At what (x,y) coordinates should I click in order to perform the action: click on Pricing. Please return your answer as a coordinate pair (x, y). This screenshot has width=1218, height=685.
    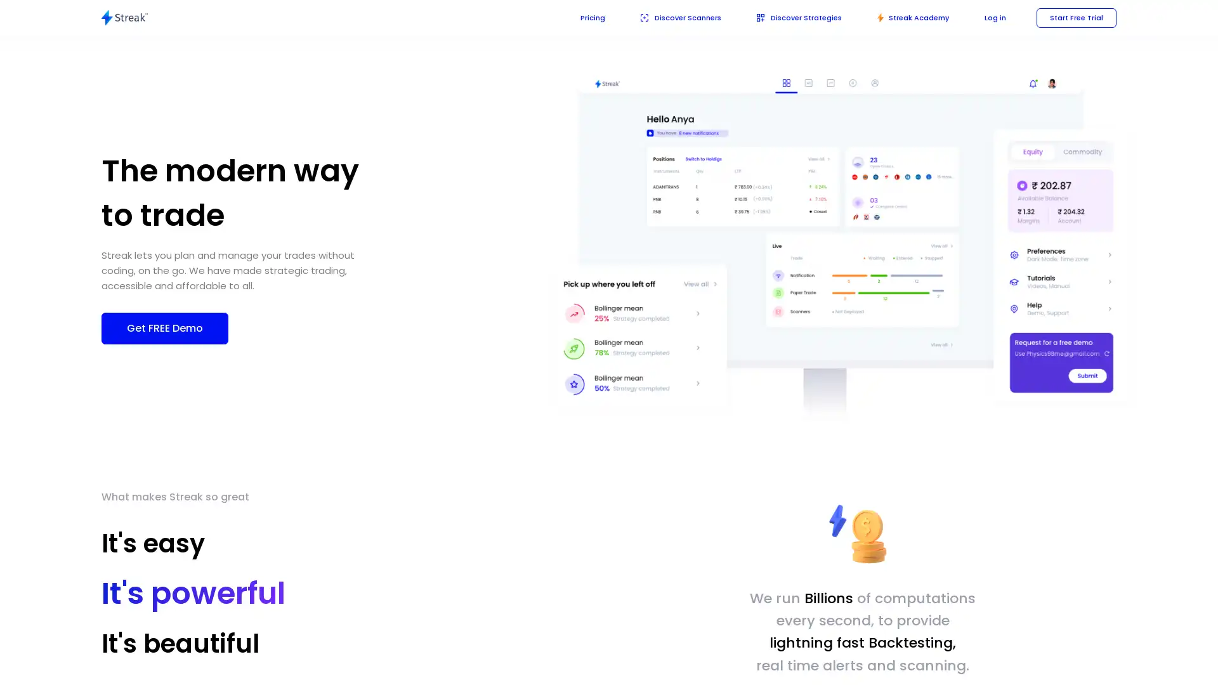
    Looking at the image, I should click on (573, 17).